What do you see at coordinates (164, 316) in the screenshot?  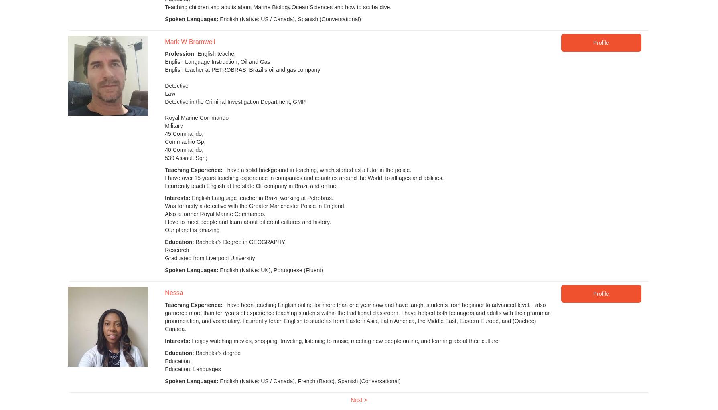 I see `'I have been teaching English online for more than one year now and have taught students from beginner to advanced level. I also garnered more than ten years of experience teaching students within the traditional classroom. I have helped both teenagers and adults with their grammar, pronunciation, and vocabulary.  I currently teach English to students from Eastern Asia, Latin America, the Middle East, Eastern Europe, and (Quebec) Canada.'` at bounding box center [164, 316].